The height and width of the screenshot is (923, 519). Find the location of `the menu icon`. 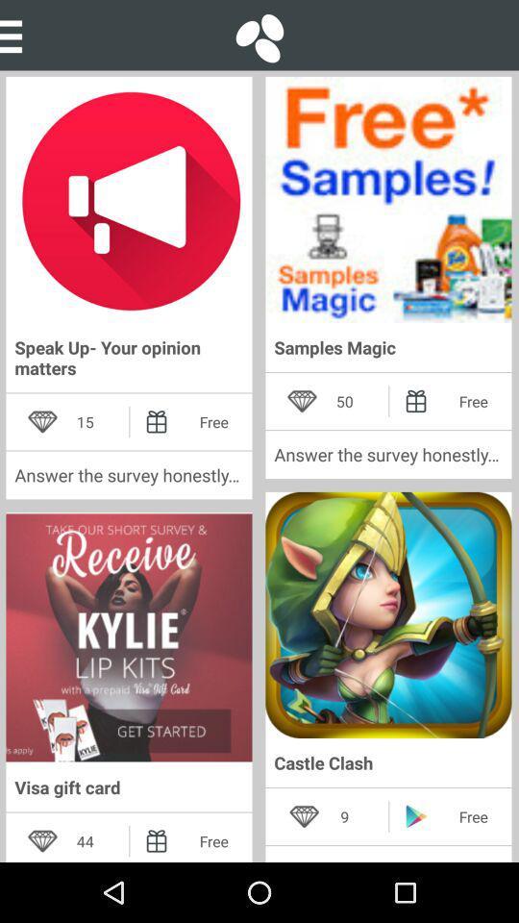

the menu icon is located at coordinates (16, 34).